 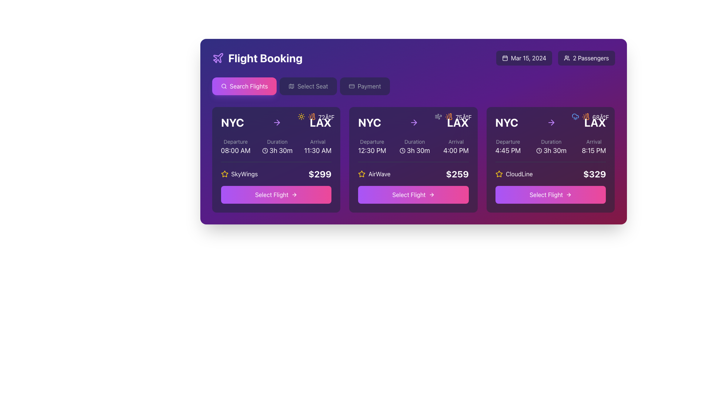 What do you see at coordinates (431, 194) in the screenshot?
I see `the 'Select Flight' button which contains the right-pointing arrow icon styled with a gradient pink background` at bounding box center [431, 194].